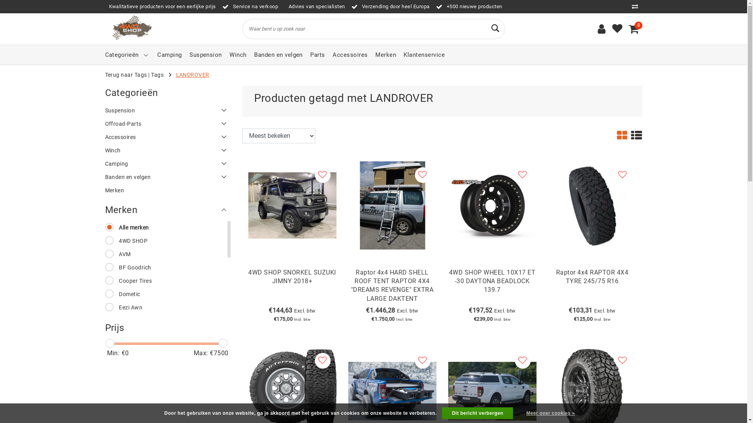 The width and height of the screenshot is (753, 423). I want to click on '4WD Shop', so click(131, 28).